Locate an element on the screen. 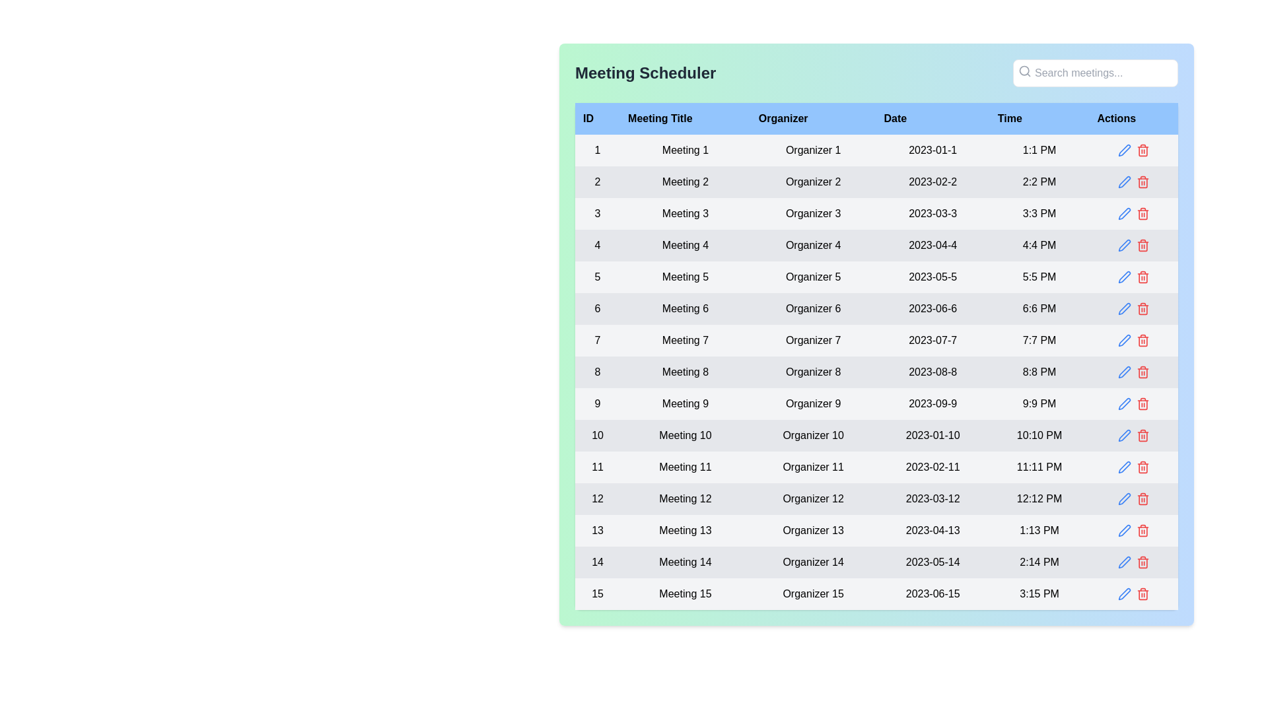 The width and height of the screenshot is (1268, 713). the Text display element showing the date '2023-03-3' in the fourth column of the third row, corresponding to 'Meeting 3' and 'Organizer 3' is located at coordinates (932, 213).